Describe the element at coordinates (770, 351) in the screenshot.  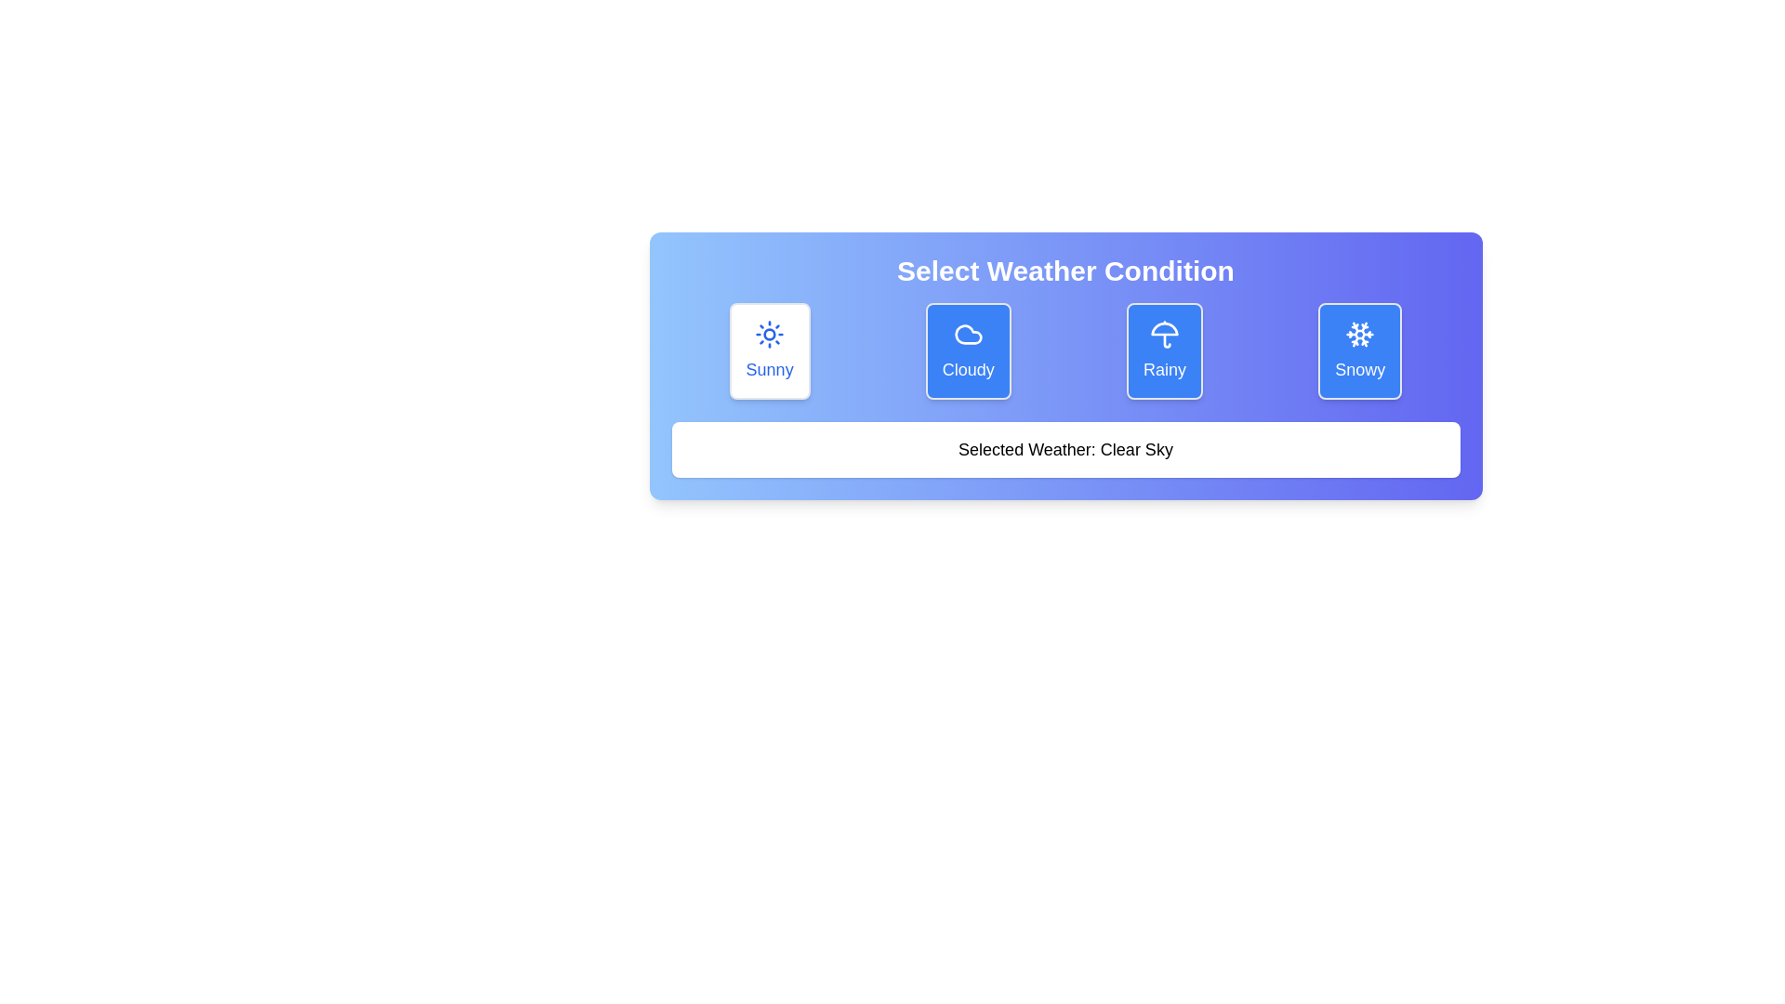
I see `the 'Sunny' button, which is the first button in the horizontal list of weather options, featuring a sun icon and a blue border` at that location.